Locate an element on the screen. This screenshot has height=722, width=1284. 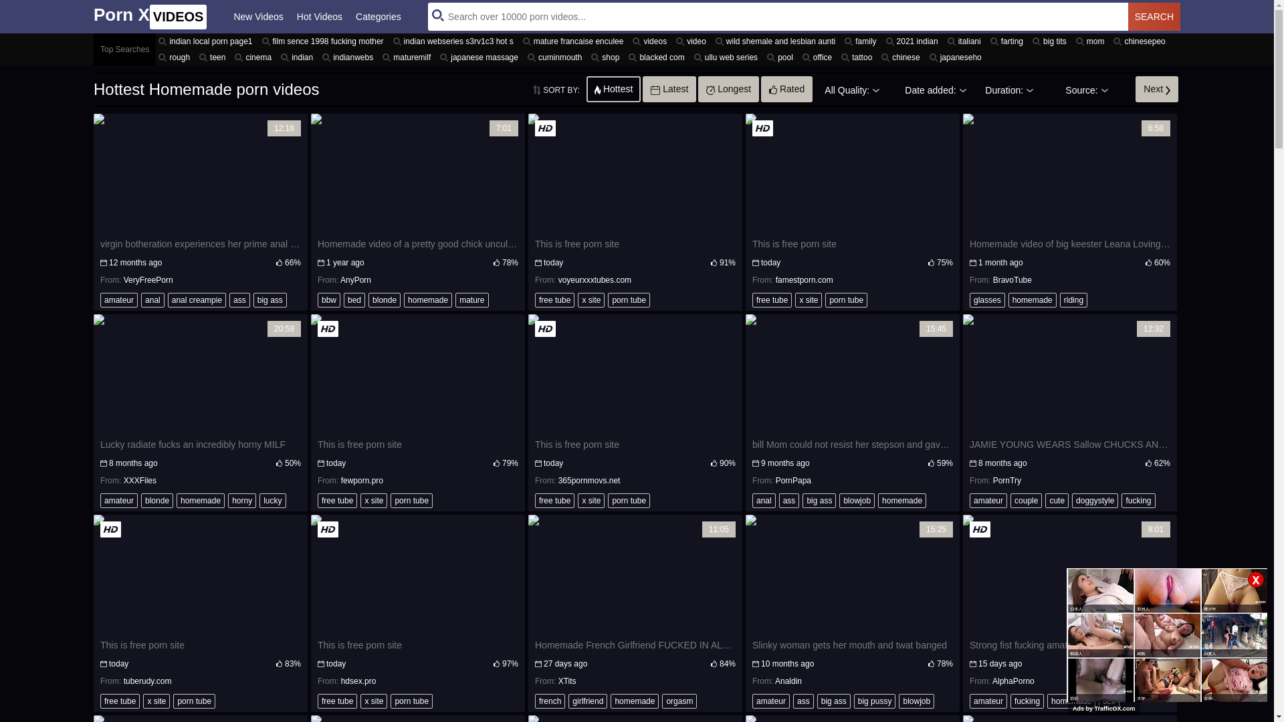
'maturemilf' is located at coordinates (407, 56).